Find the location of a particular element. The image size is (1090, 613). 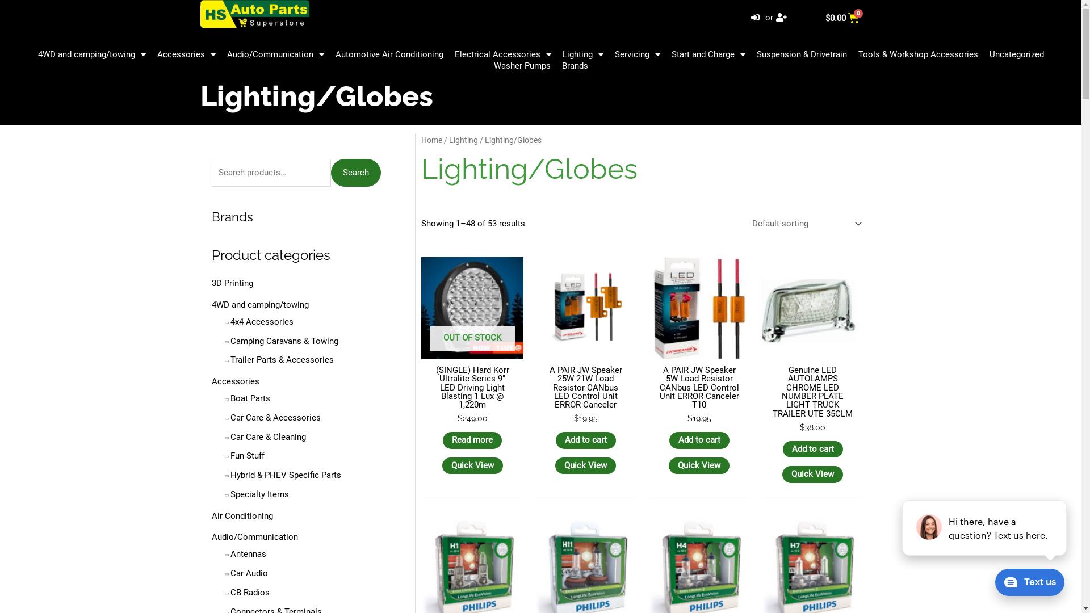

'Automotive Air Conditioning' is located at coordinates (329, 54).